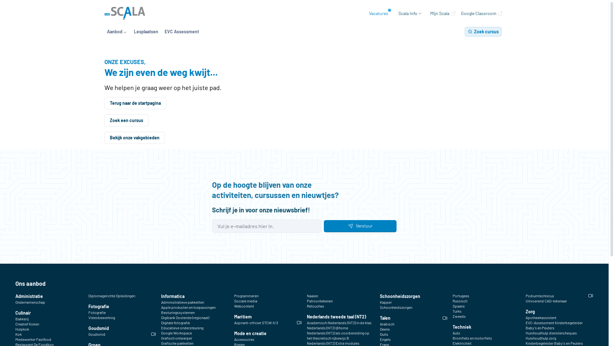 This screenshot has height=346, width=615. What do you see at coordinates (184, 317) in the screenshot?
I see `'Digibank Oostende (regionaal)'` at bounding box center [184, 317].